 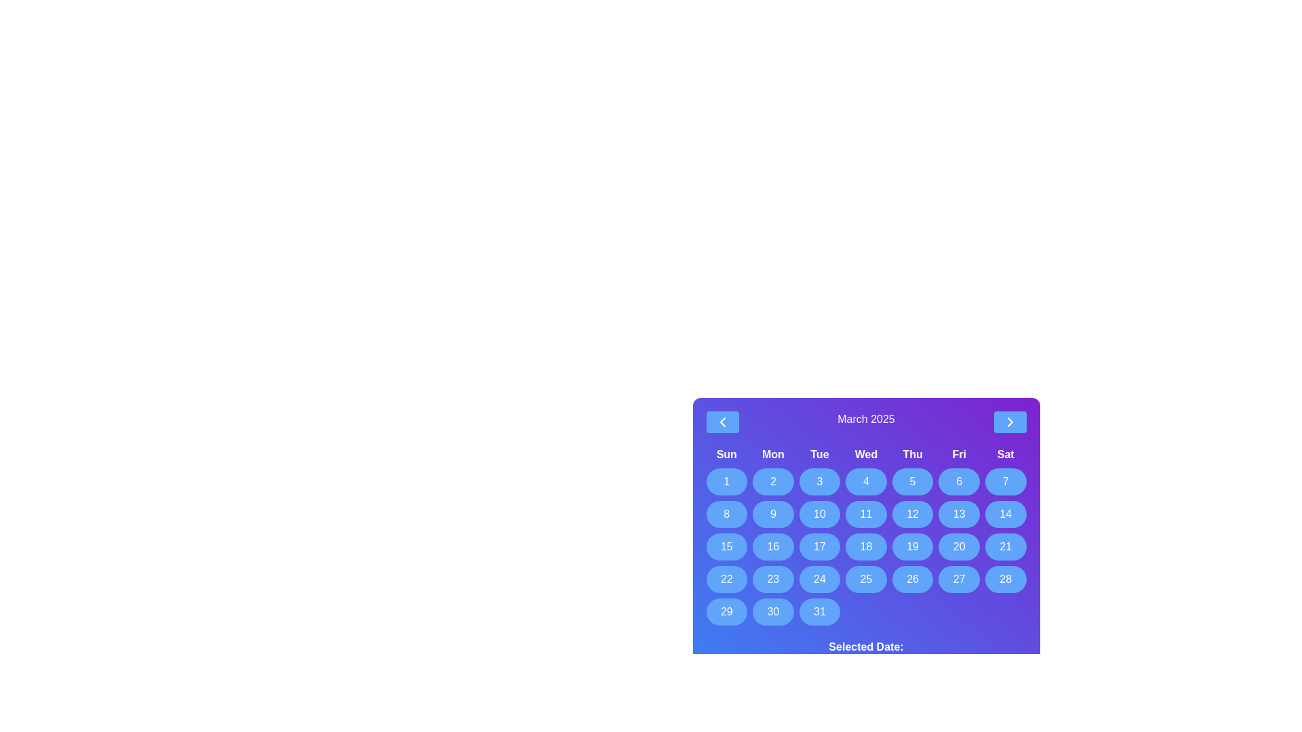 I want to click on the label displaying 'Mon' in bold style, which is the second item in the row of weekday names on the calendar interface, so click(x=773, y=455).